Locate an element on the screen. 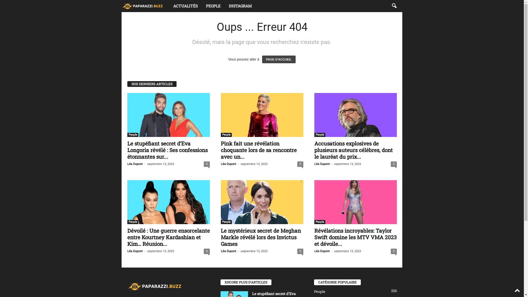  'People is located at coordinates (320, 291).